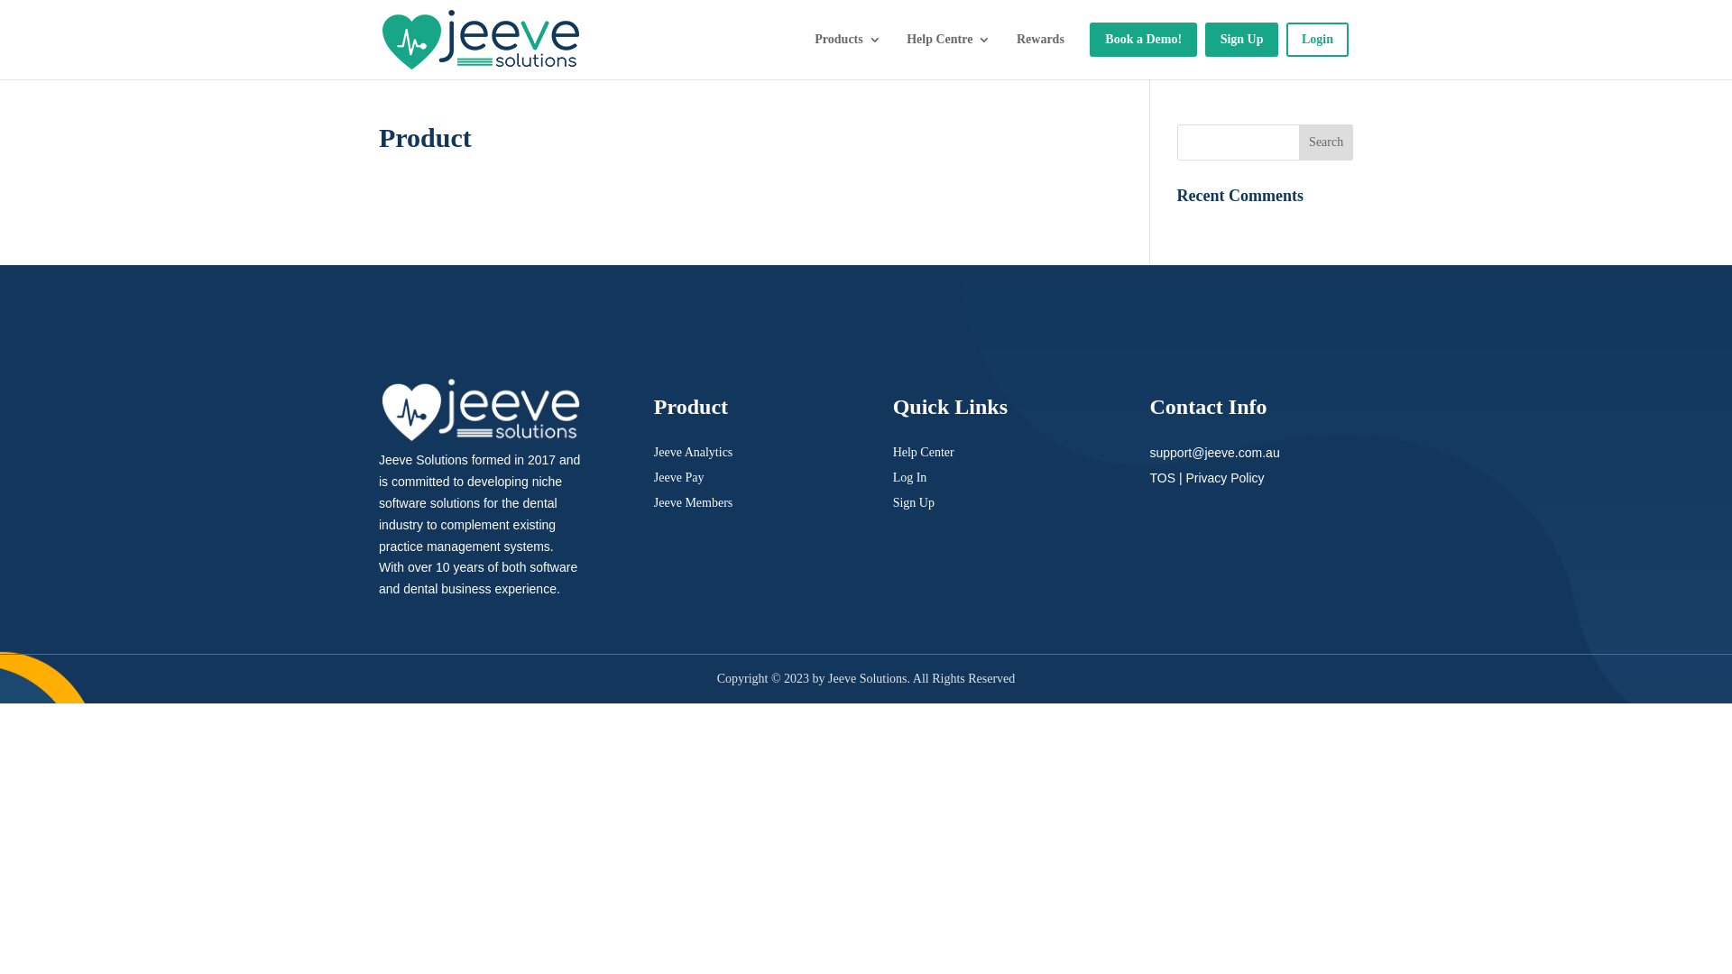 The height and width of the screenshot is (974, 1732). Describe the element at coordinates (1317, 39) in the screenshot. I see `'Login'` at that location.